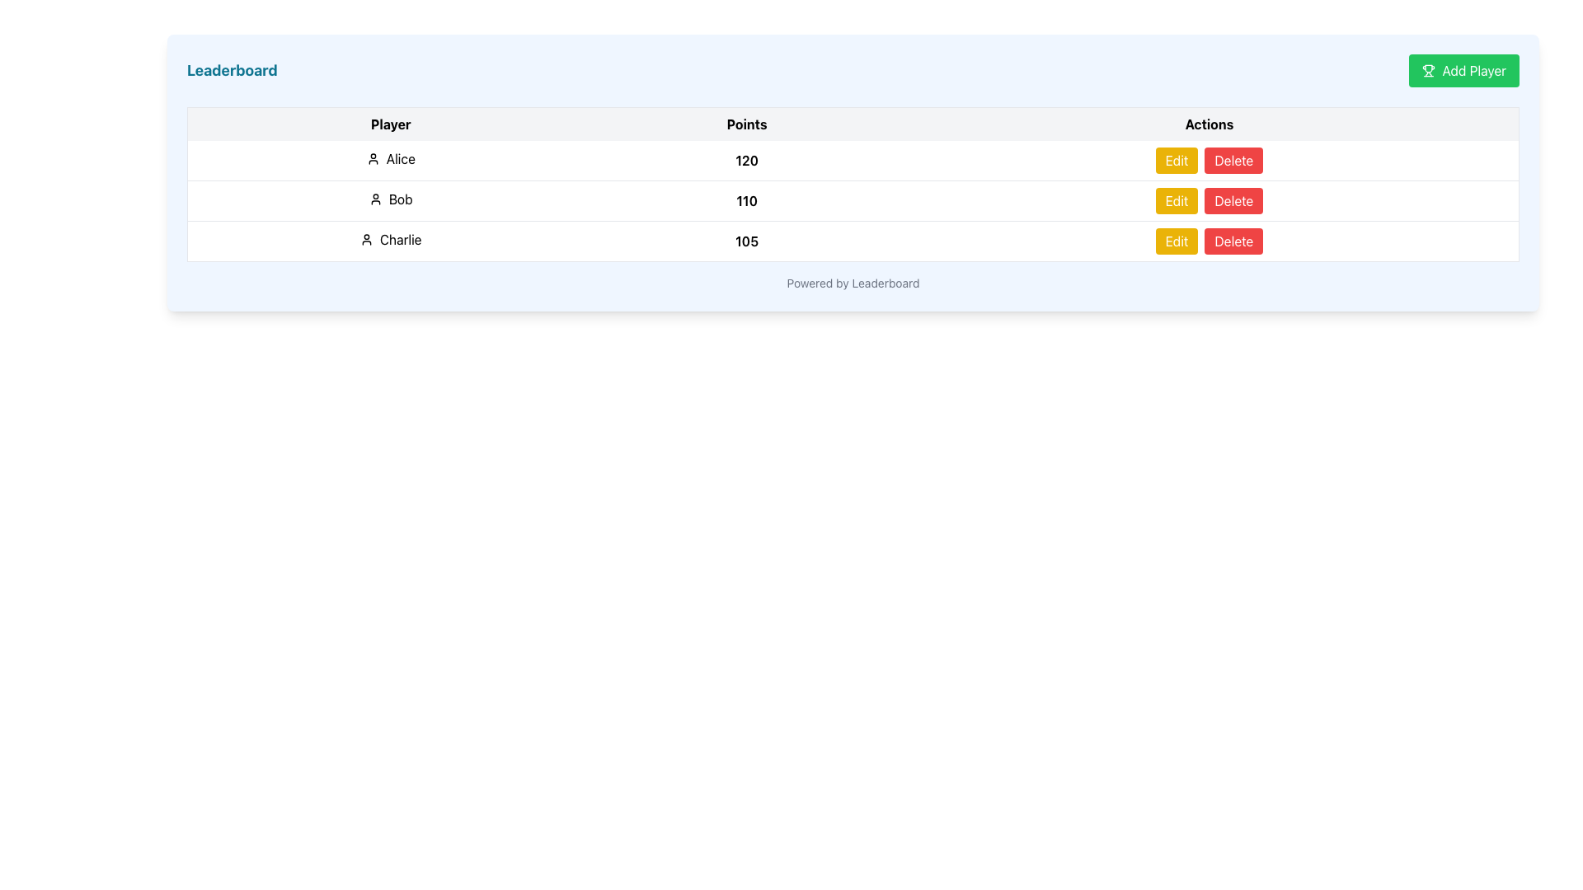  Describe the element at coordinates (390, 239) in the screenshot. I see `the user icon next to the text 'Charlie' in the third row of the leaderboard table under the 'Player' column` at that location.